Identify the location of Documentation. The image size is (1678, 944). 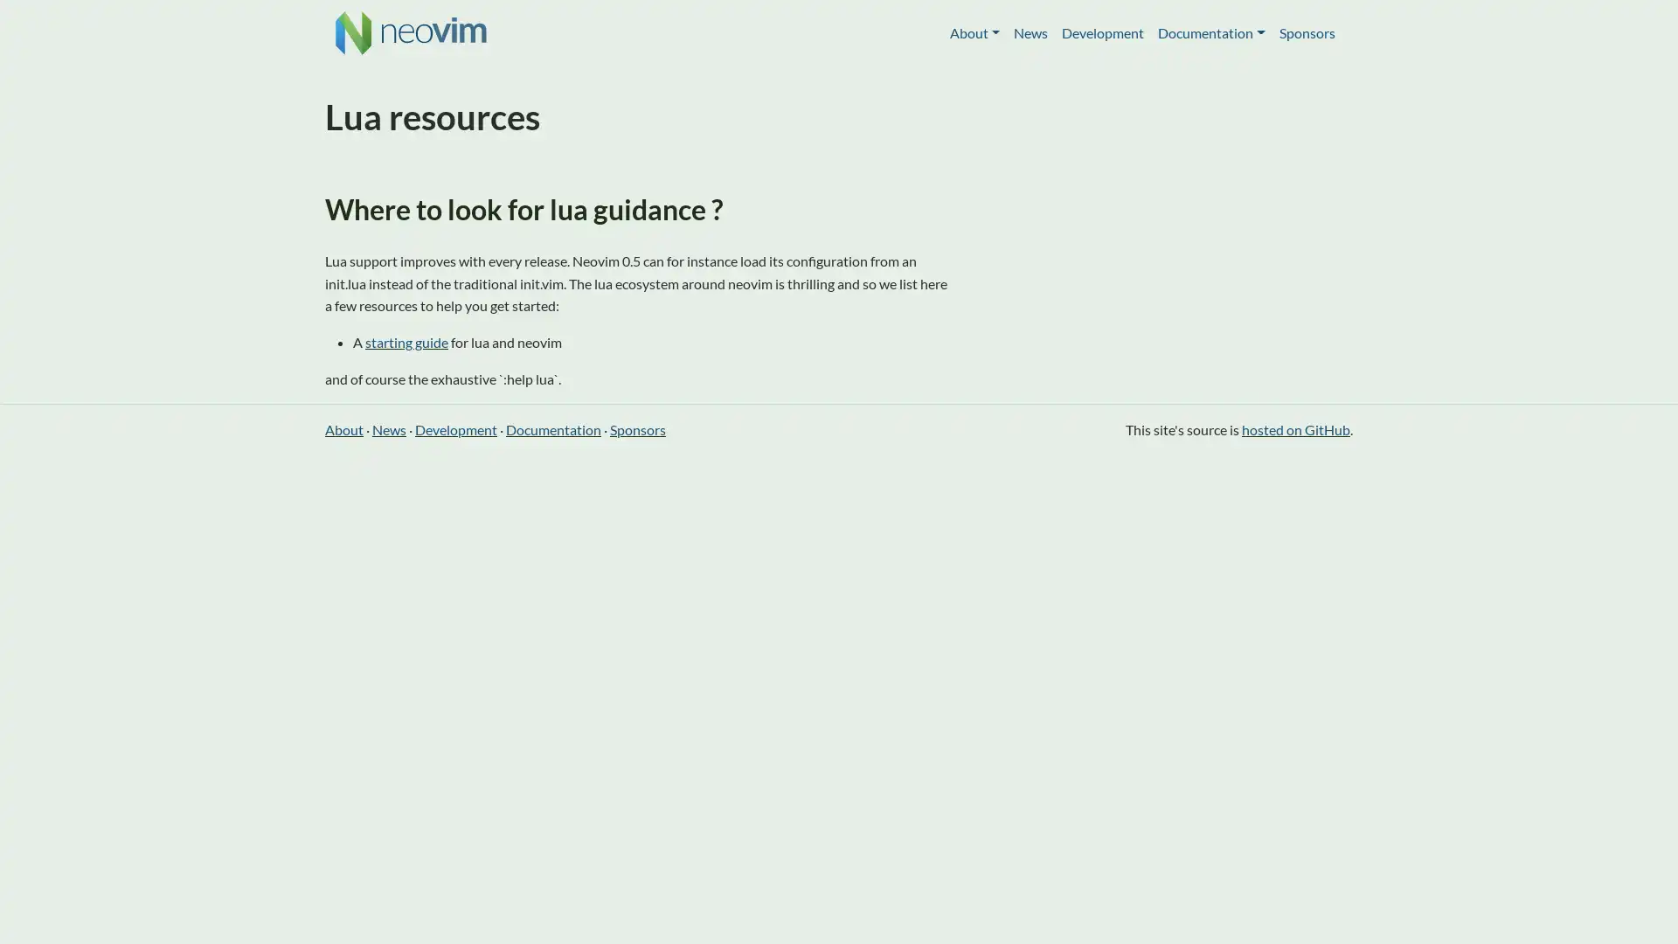
(1210, 32).